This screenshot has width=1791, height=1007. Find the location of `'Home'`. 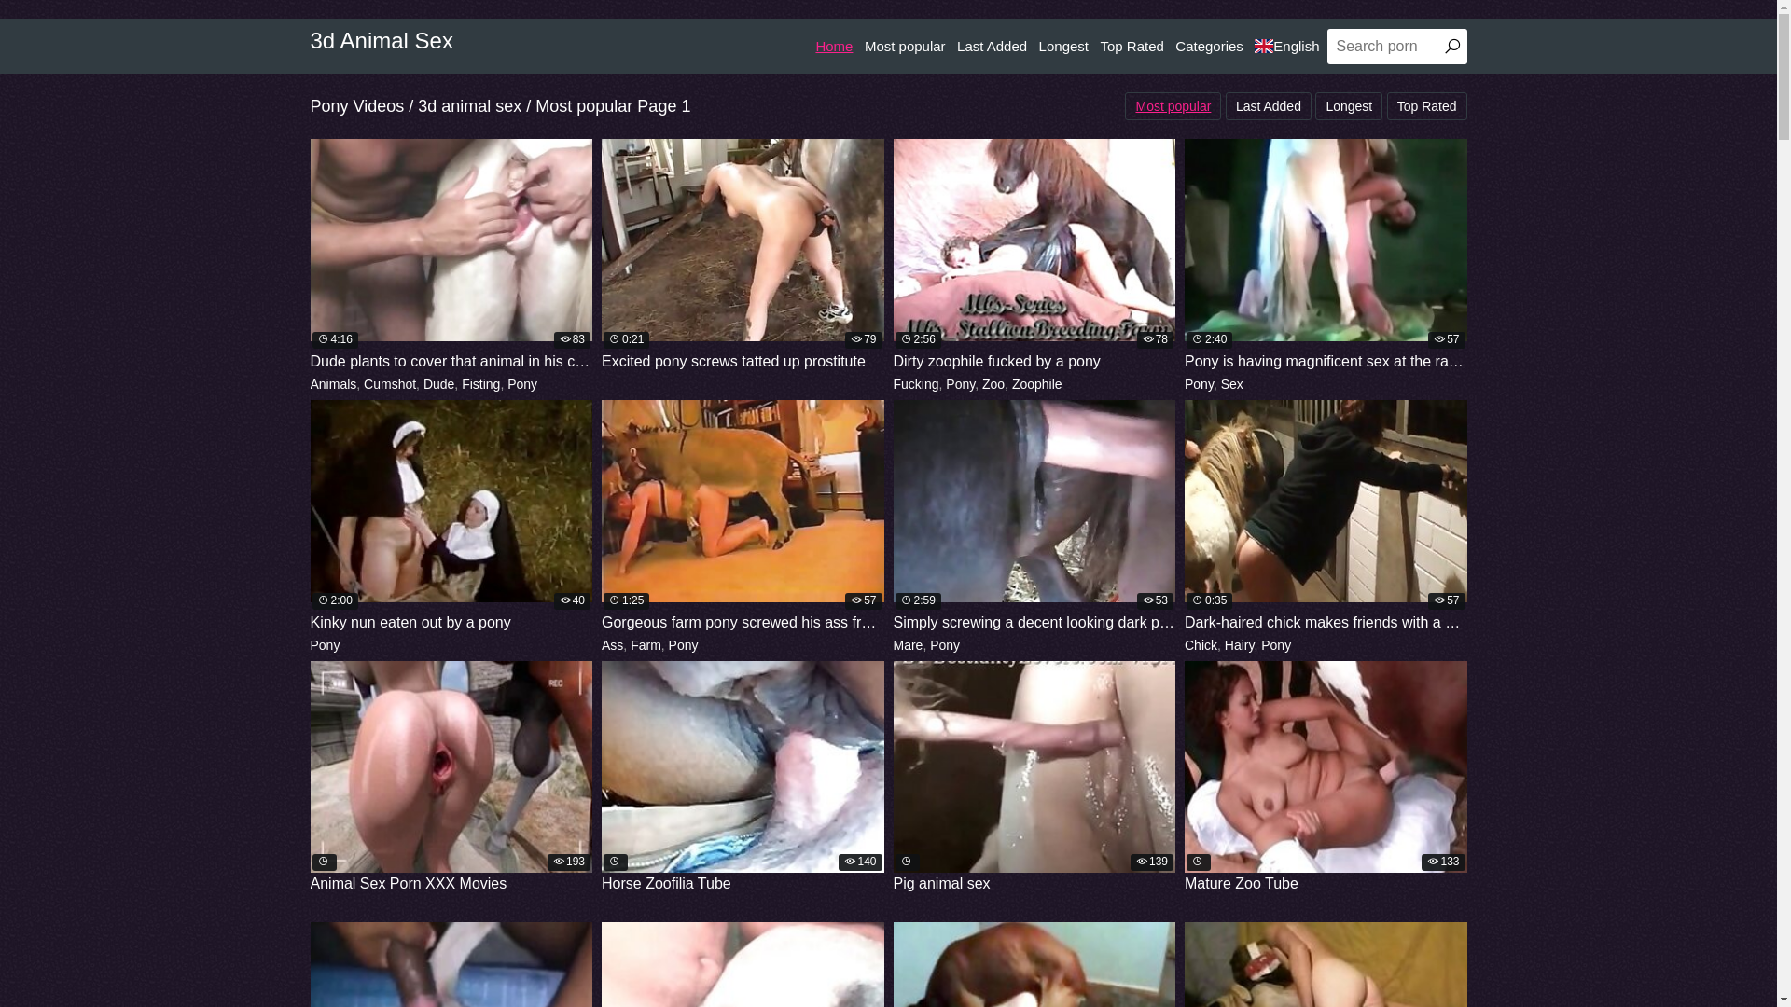

'Home' is located at coordinates (832, 46).